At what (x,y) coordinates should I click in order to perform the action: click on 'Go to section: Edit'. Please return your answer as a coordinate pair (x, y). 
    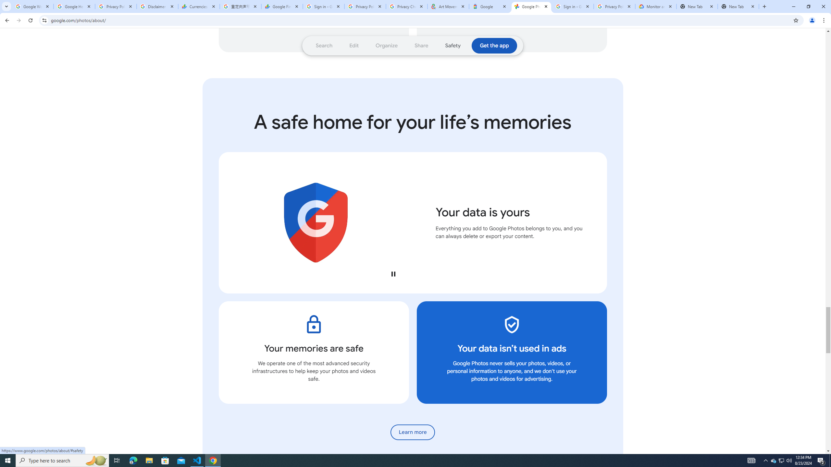
    Looking at the image, I should click on (354, 46).